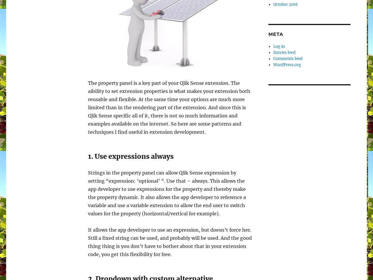 Image resolution: width=373 pixels, height=280 pixels. What do you see at coordinates (167, 193) in the screenshot?
I see `'Strings in the property panel can allow Qlik Sense expression by setting “expression: ‘optional’ “. Use that – always. This allows the app developer to use expressions for the property and thereby make the property dynamic. It also allows the app developer to reference a variable and use a variable extension to allow the end user to switch values for the property (horizontal/vertical for example).'` at bounding box center [167, 193].